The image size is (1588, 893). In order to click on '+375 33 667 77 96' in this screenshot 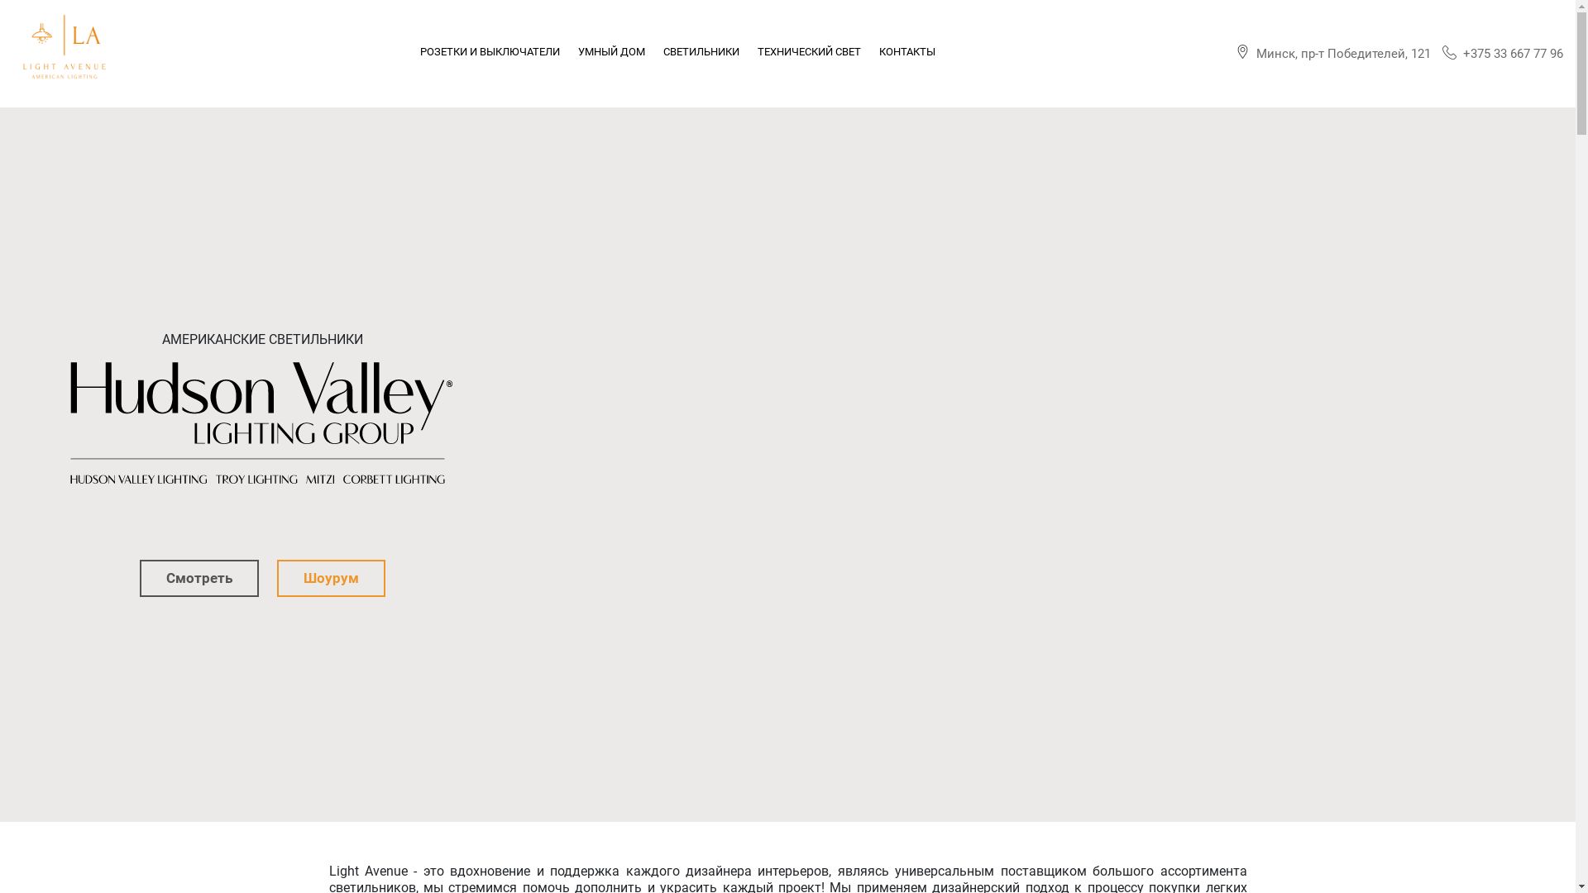, I will do `click(1503, 52)`.